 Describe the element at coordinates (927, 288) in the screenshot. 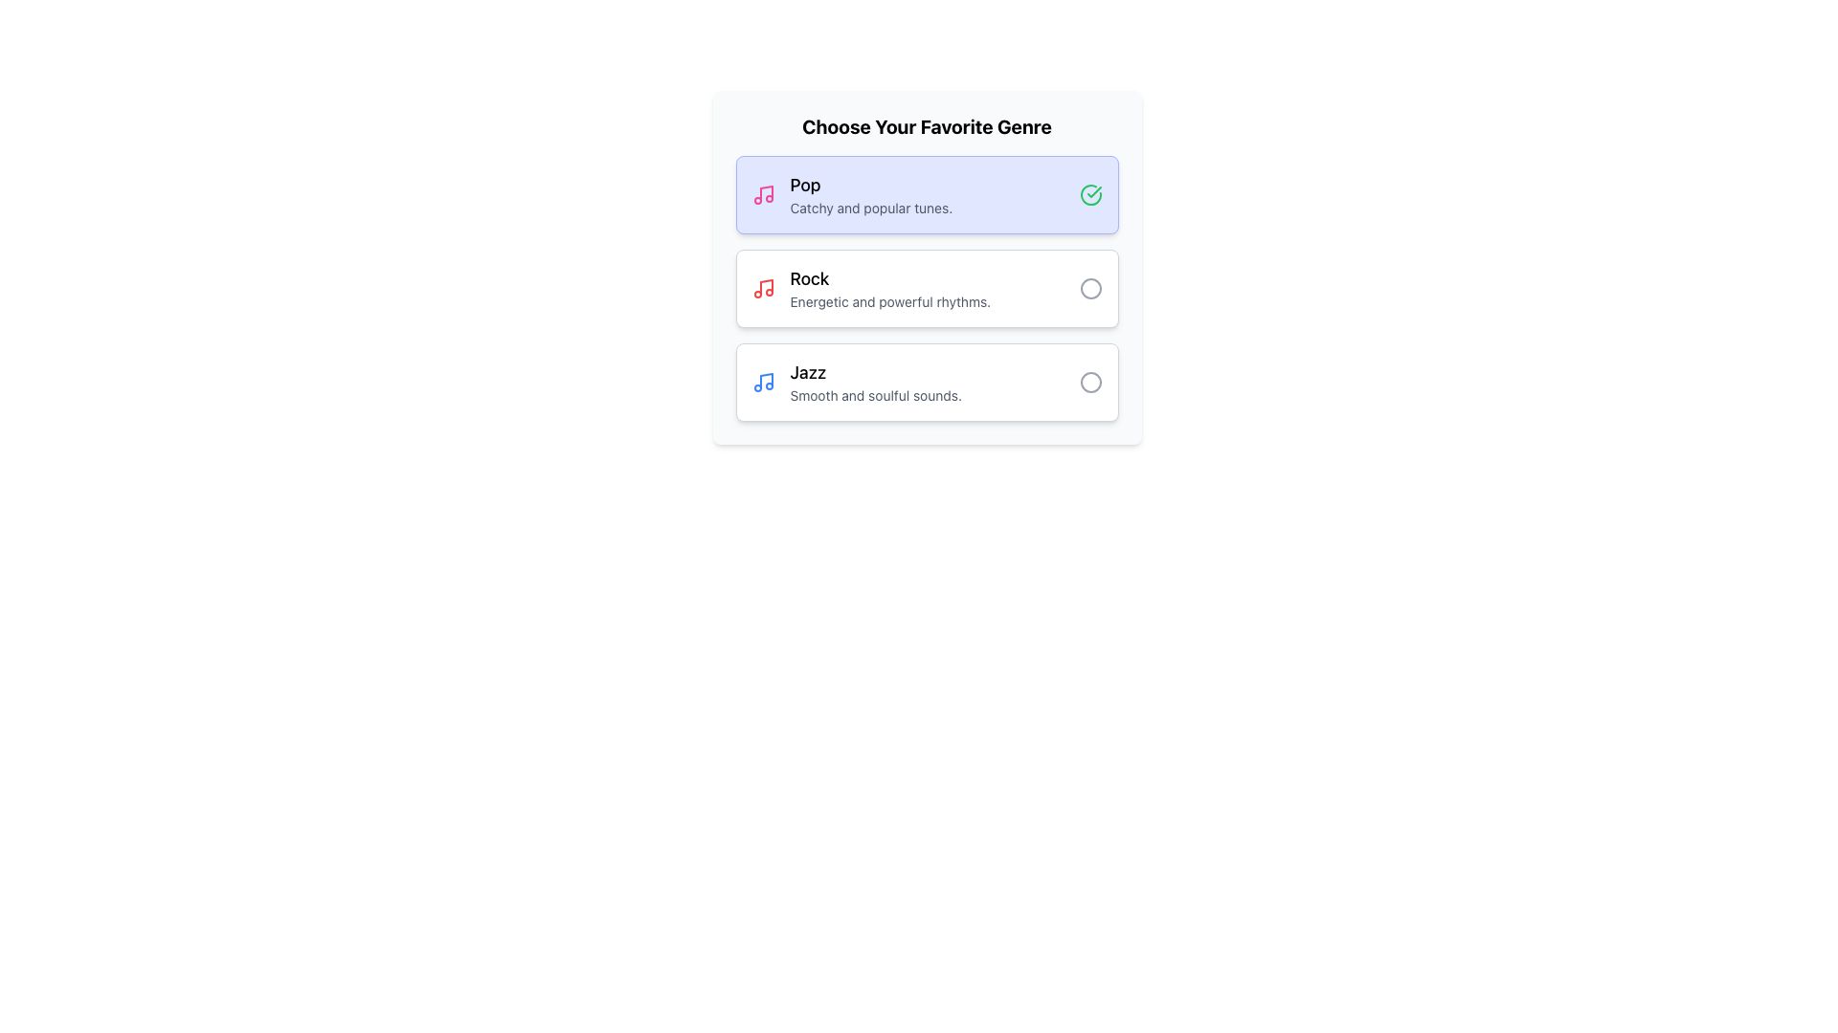

I see `the 'Rock' music genre button, which is the second card in a vertical list of music genres (Pop, Rock, Jazz) to observe any hover effects` at that location.